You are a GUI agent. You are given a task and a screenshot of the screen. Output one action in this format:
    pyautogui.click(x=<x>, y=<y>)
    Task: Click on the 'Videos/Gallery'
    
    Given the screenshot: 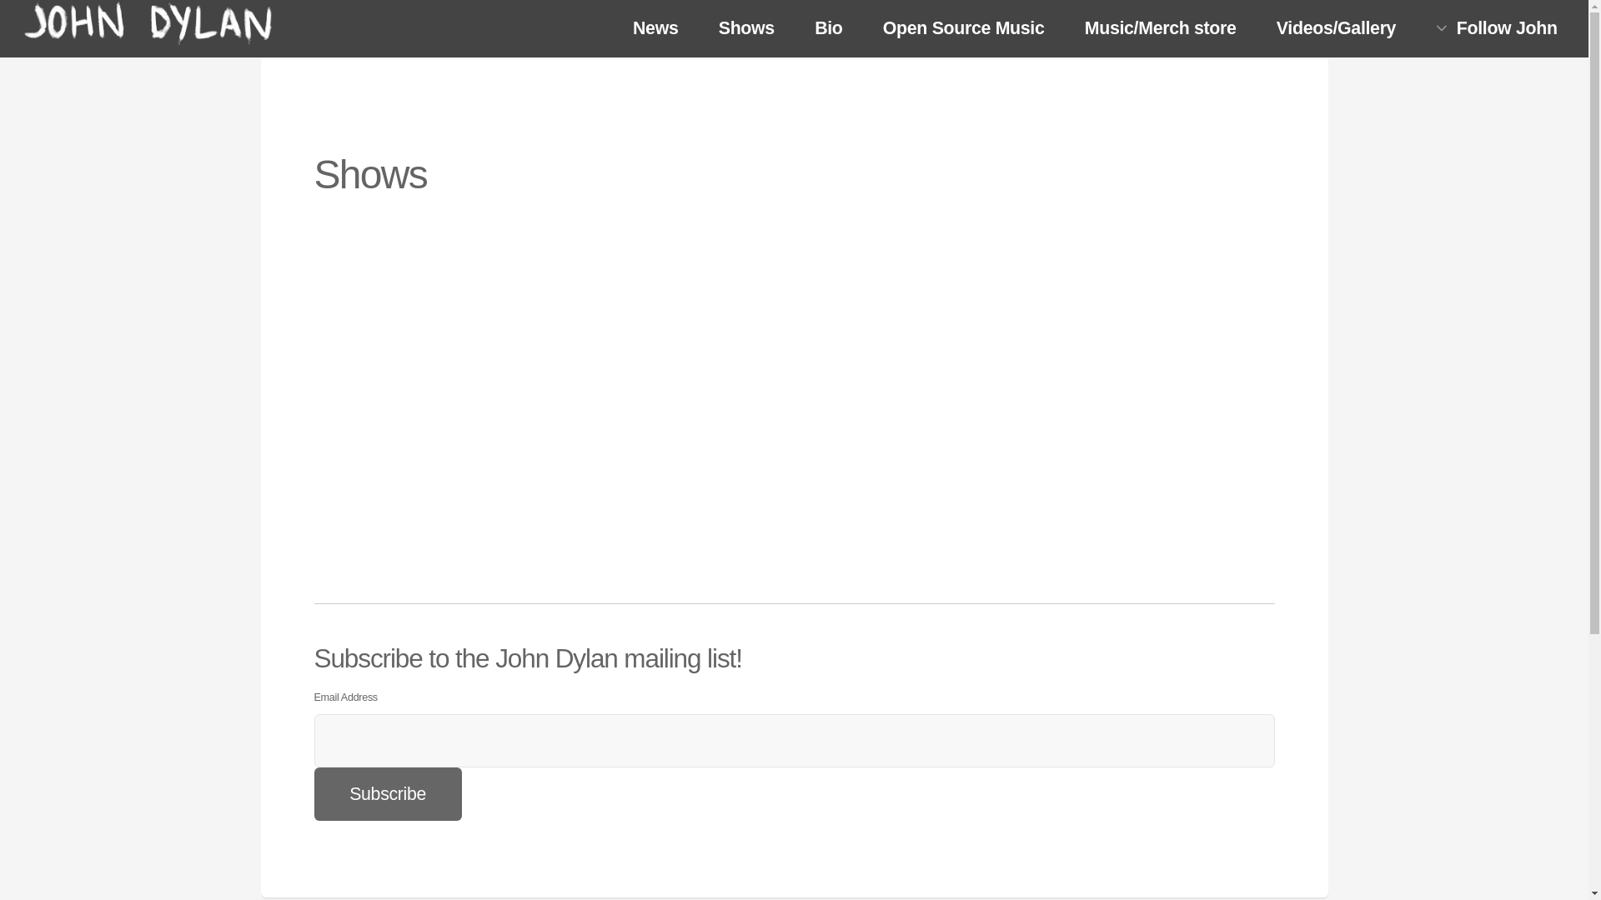 What is the action you would take?
    pyautogui.click(x=1337, y=29)
    